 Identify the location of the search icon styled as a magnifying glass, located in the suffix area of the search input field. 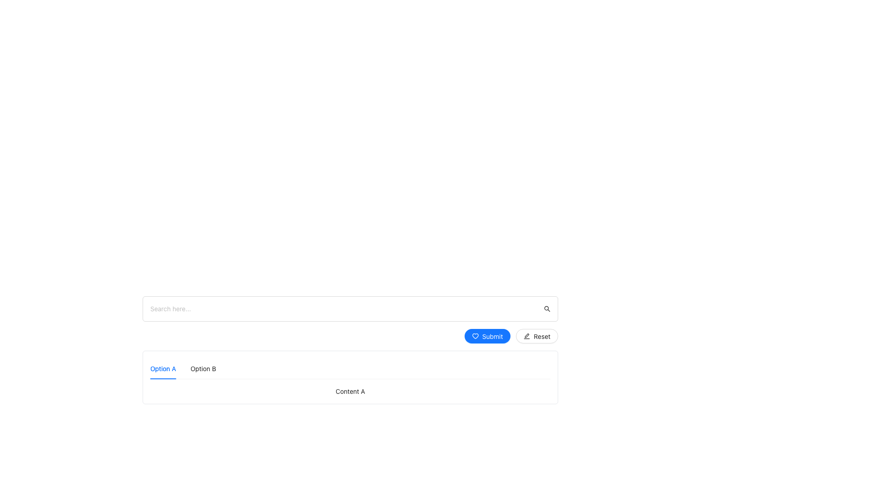
(546, 309).